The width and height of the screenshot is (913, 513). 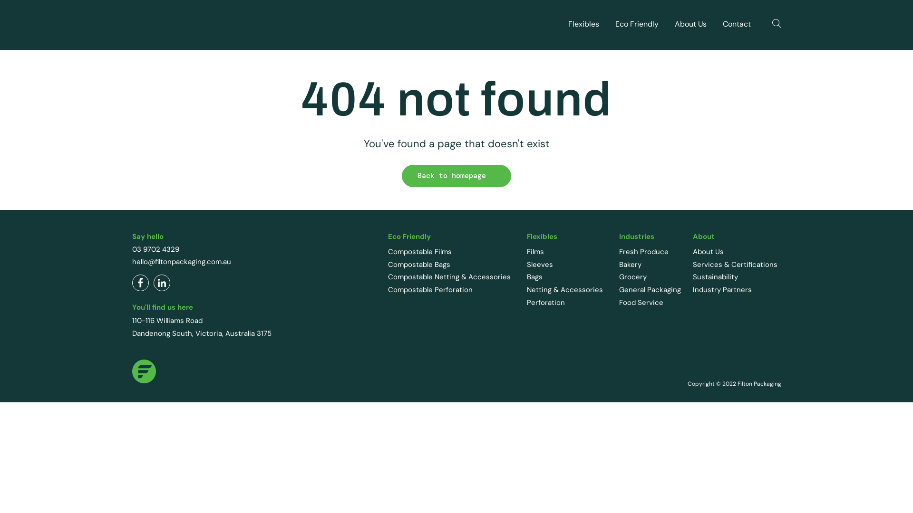 I want to click on 'Films', so click(x=535, y=251).